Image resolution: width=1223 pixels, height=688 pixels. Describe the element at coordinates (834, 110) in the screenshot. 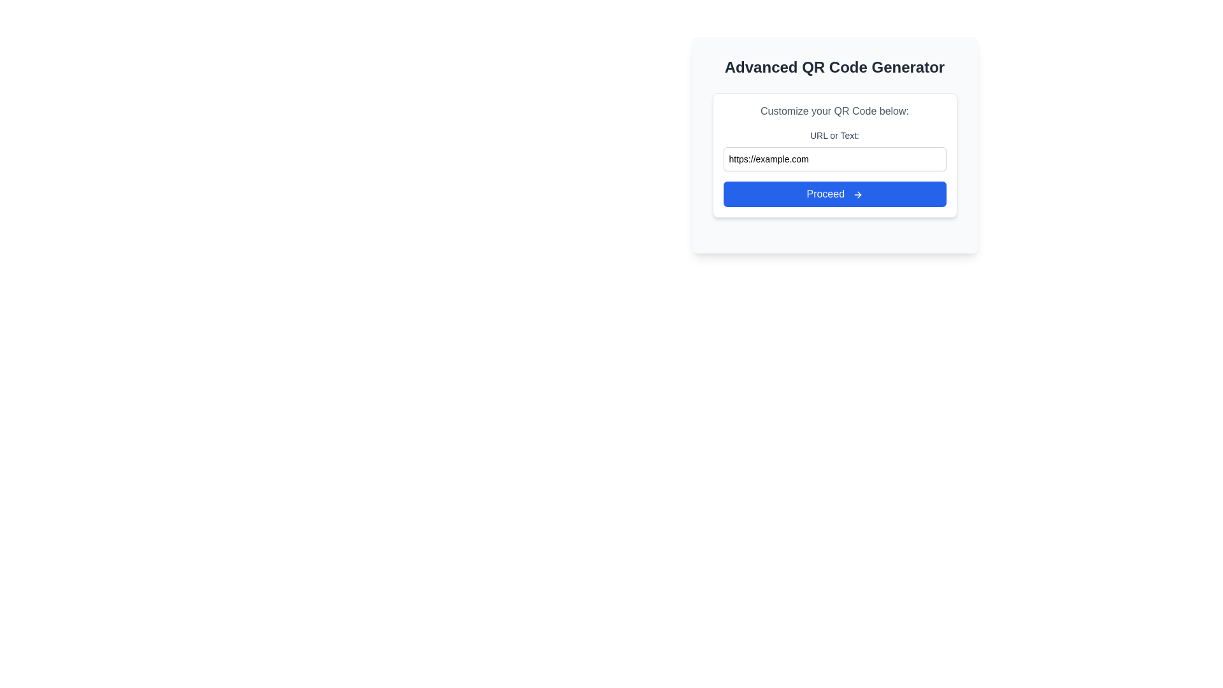

I see `the instructional text label that reads 'Customize your QR Code below:', which is centered at the top of the white card` at that location.